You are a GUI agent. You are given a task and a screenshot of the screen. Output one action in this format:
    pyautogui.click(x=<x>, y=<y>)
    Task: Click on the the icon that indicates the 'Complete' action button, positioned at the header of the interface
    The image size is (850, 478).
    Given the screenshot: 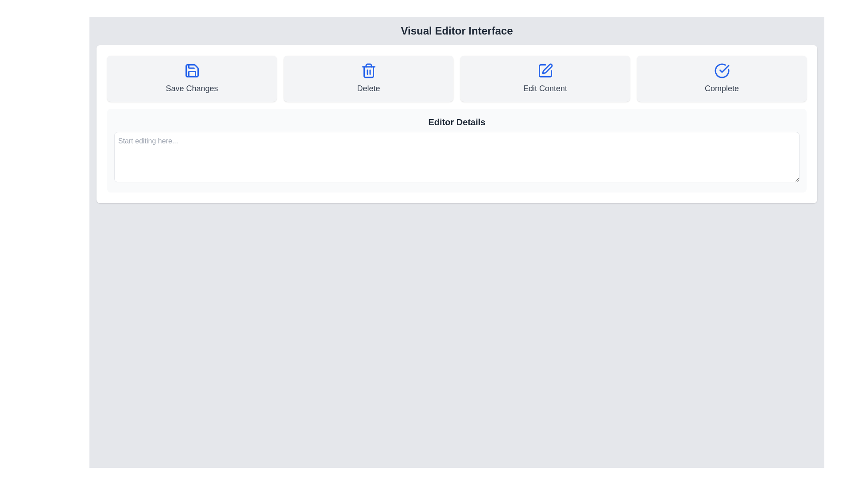 What is the action you would take?
    pyautogui.click(x=724, y=68)
    